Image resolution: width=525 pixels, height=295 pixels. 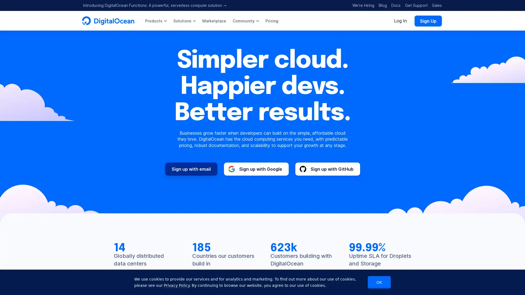 What do you see at coordinates (156, 20) in the screenshot?
I see `Products` at bounding box center [156, 20].